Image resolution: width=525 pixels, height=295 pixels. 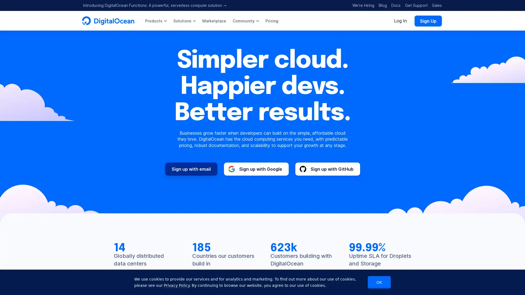 What do you see at coordinates (156, 20) in the screenshot?
I see `Products` at bounding box center [156, 20].